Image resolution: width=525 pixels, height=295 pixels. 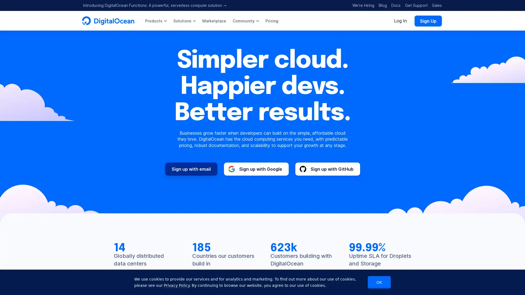 What do you see at coordinates (156, 20) in the screenshot?
I see `Products` at bounding box center [156, 20].